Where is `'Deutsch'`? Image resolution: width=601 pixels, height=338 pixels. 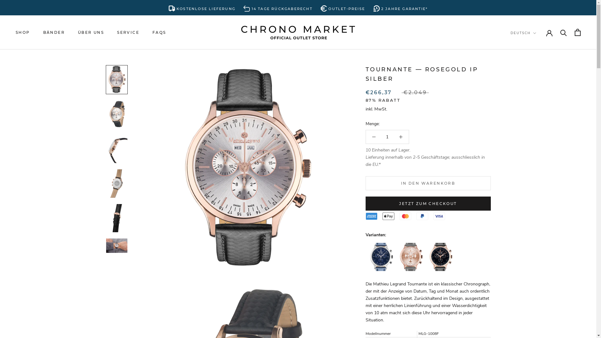
'Deutsch' is located at coordinates (530, 46).